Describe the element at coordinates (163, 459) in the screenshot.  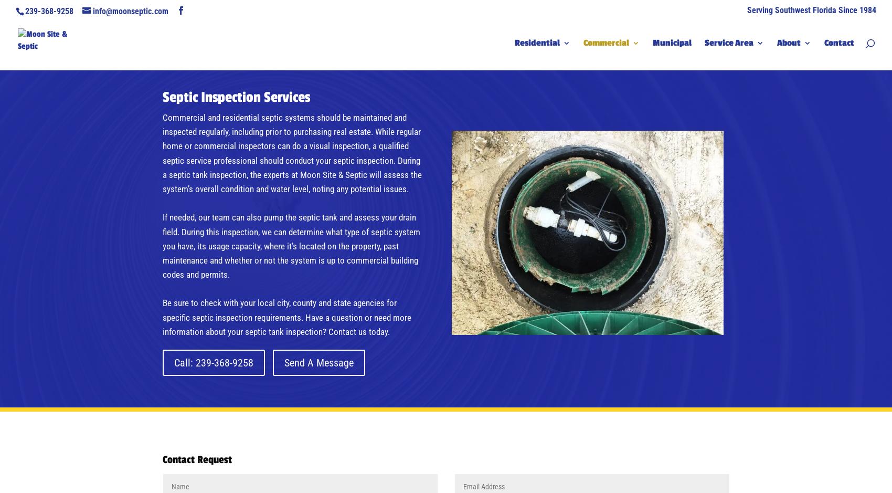
I see `'Contact Request'` at that location.